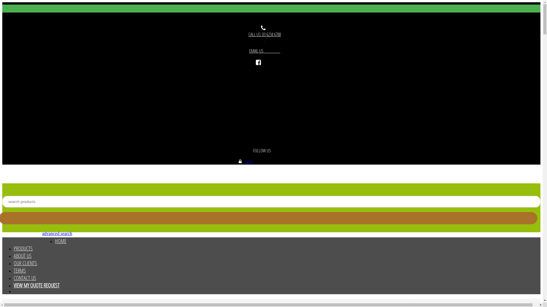 The image size is (547, 307). I want to click on 'advanced search', so click(57, 233).